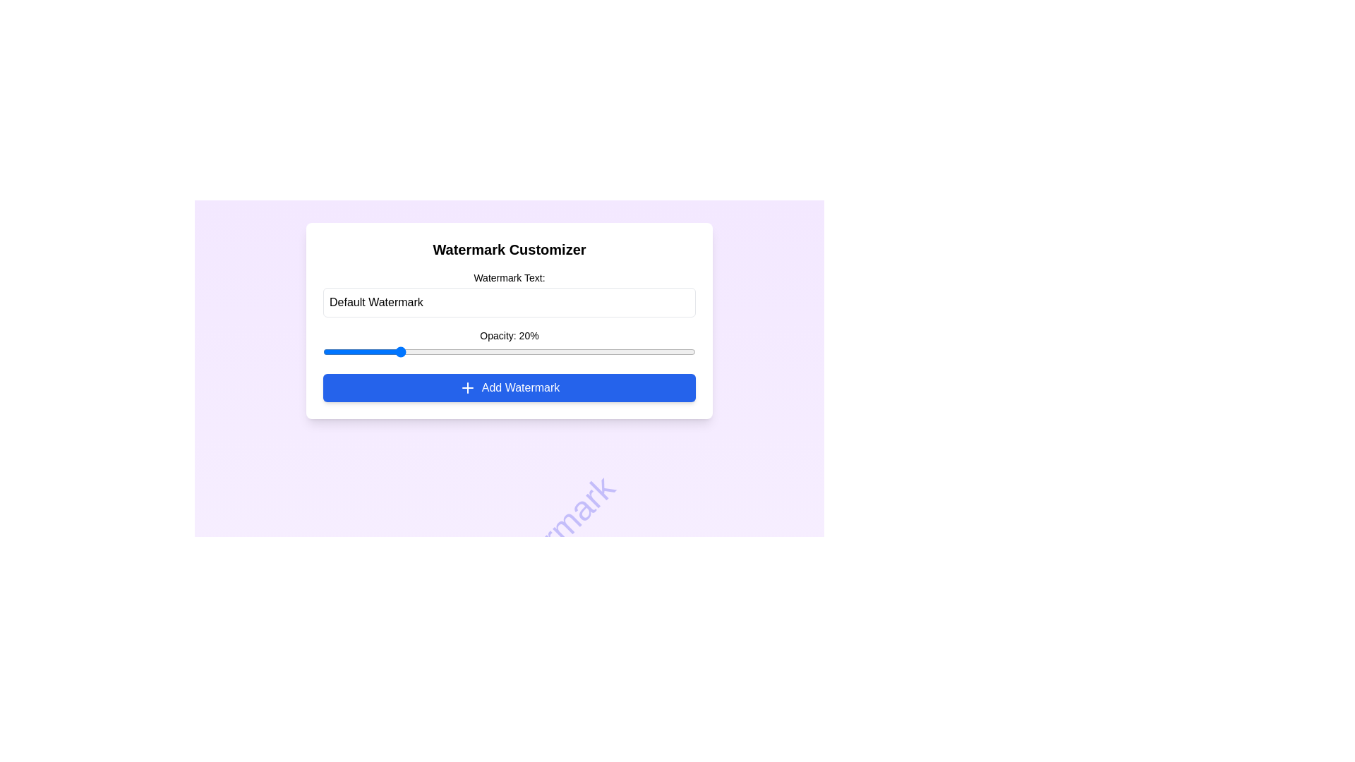  What do you see at coordinates (508, 388) in the screenshot?
I see `the 'Add Watermark' blue button with white text to apply the watermark settings` at bounding box center [508, 388].